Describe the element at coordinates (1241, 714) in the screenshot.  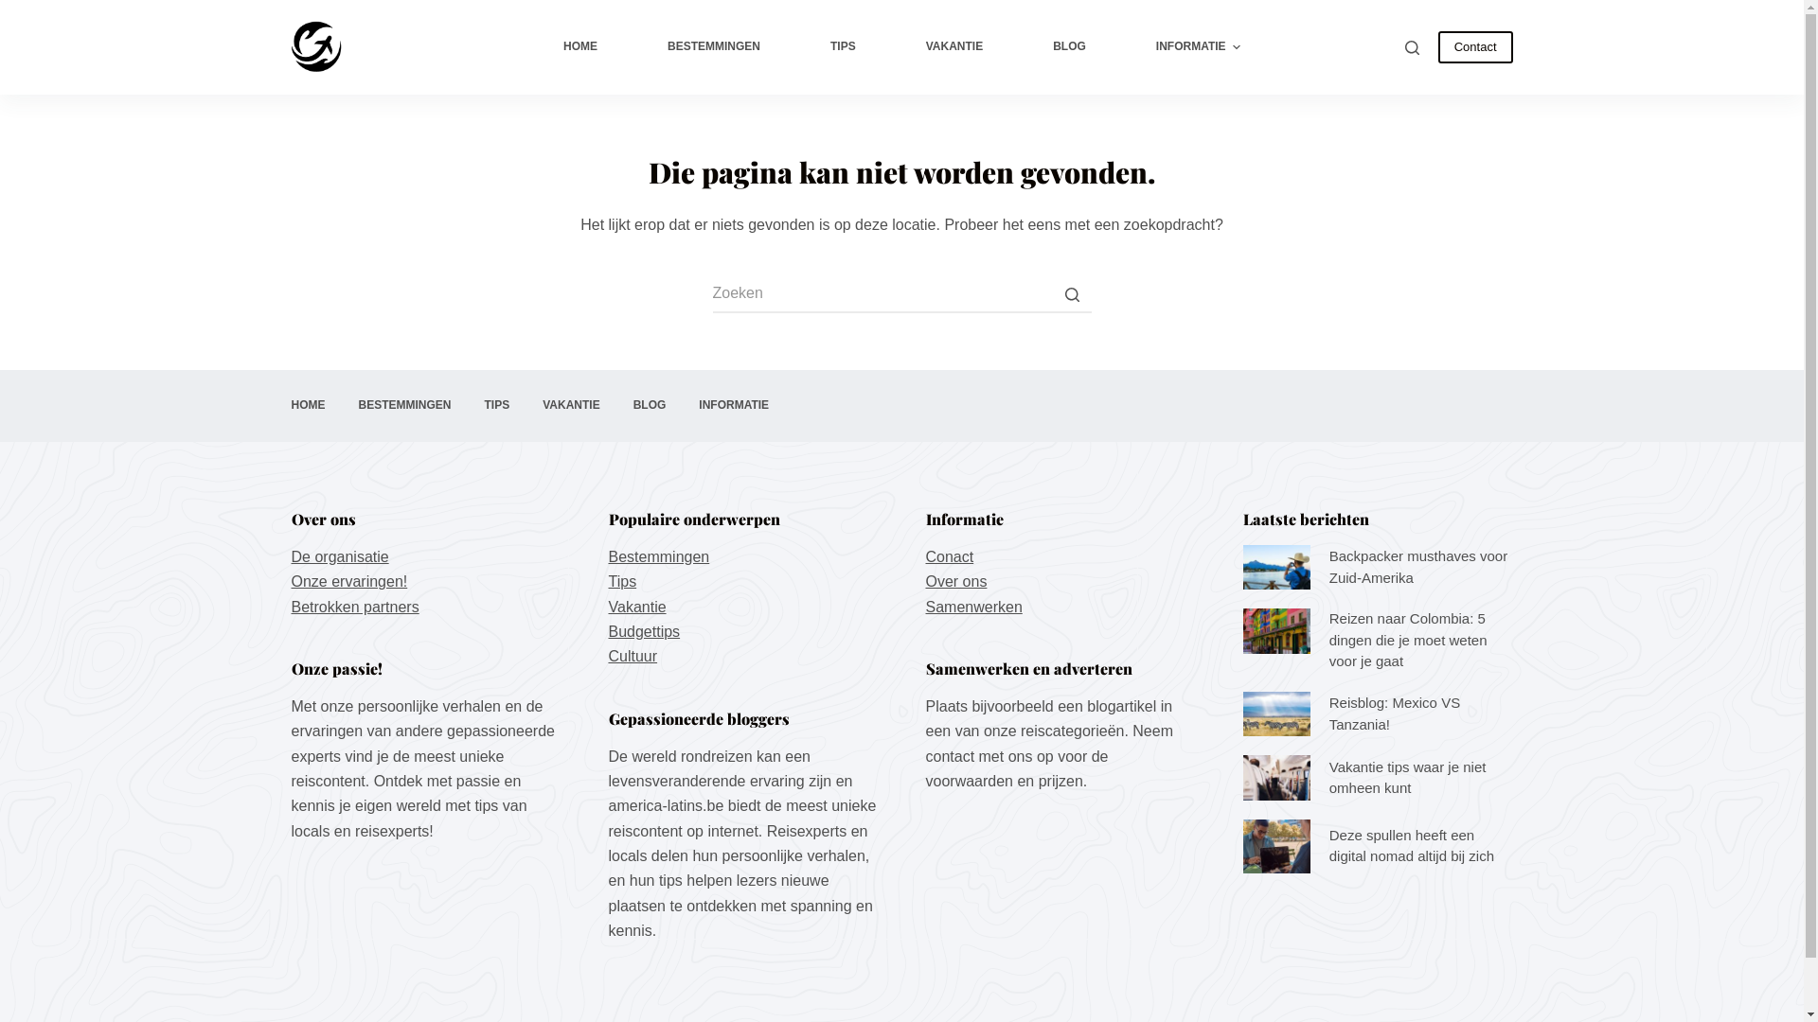
I see `'Reisblog: Mexico VS Tanzania!'` at that location.